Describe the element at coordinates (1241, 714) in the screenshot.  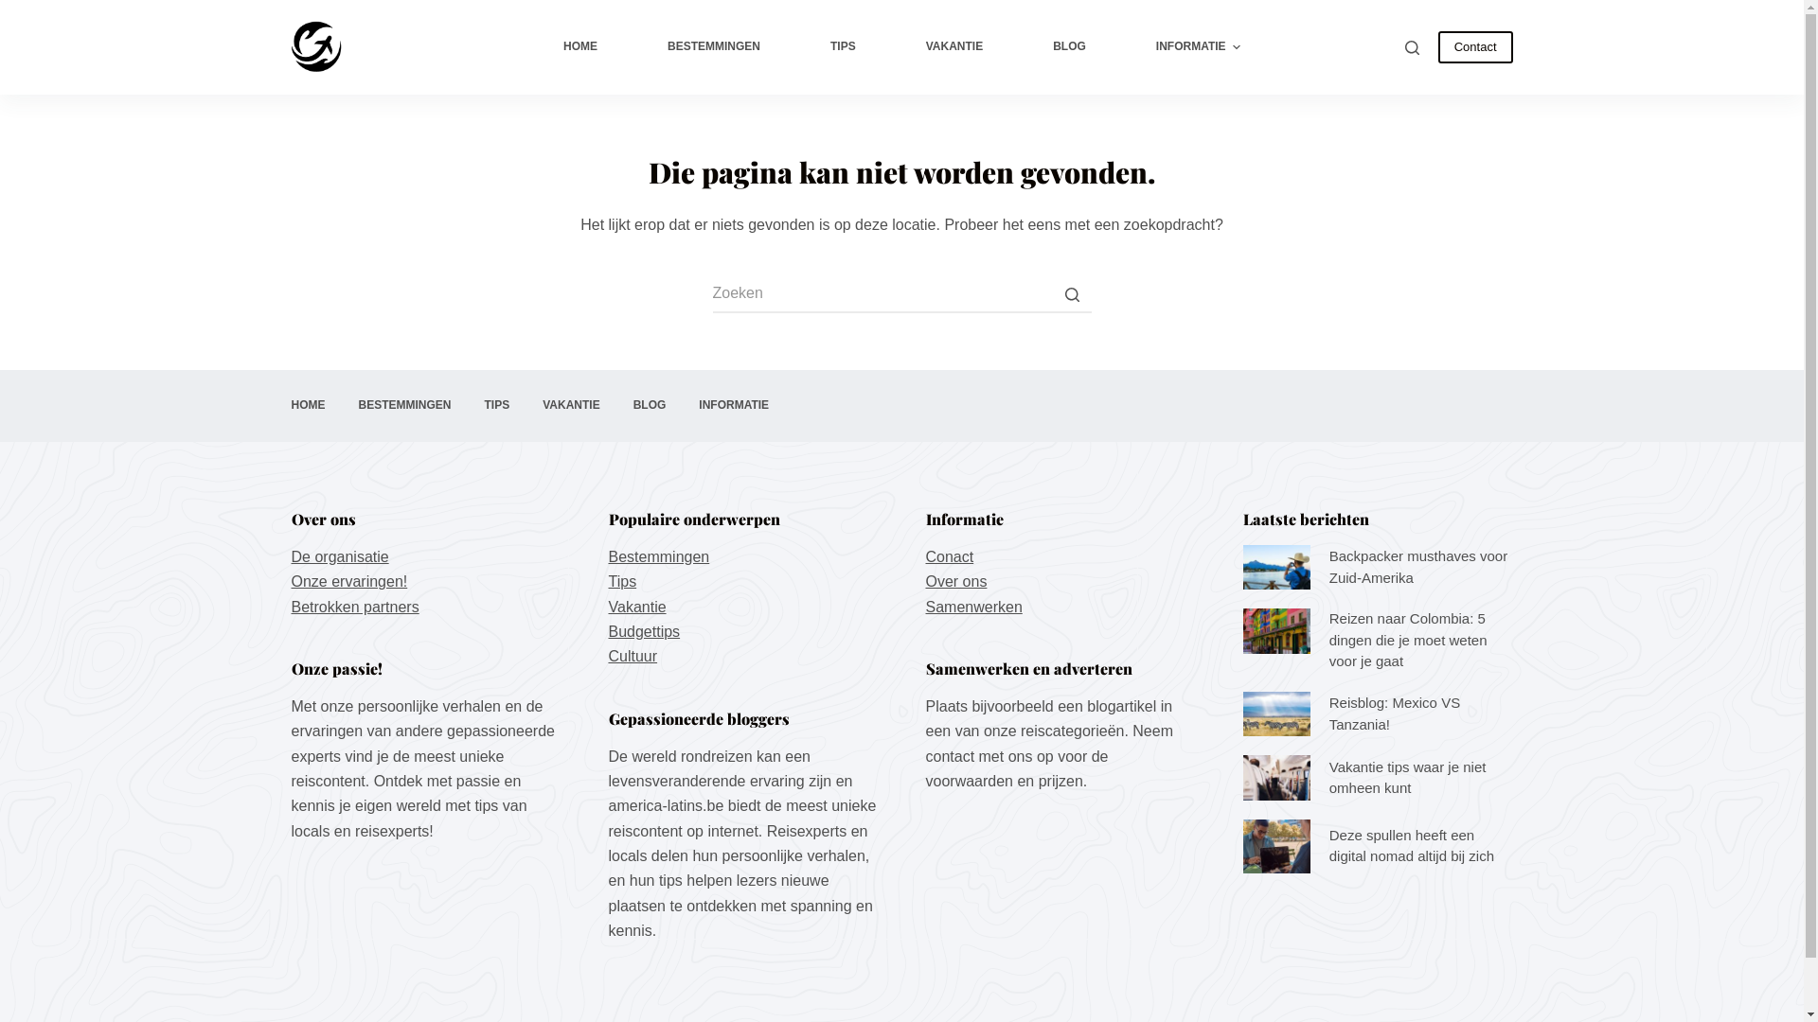
I see `'Reisblog: Mexico VS Tanzania!'` at that location.